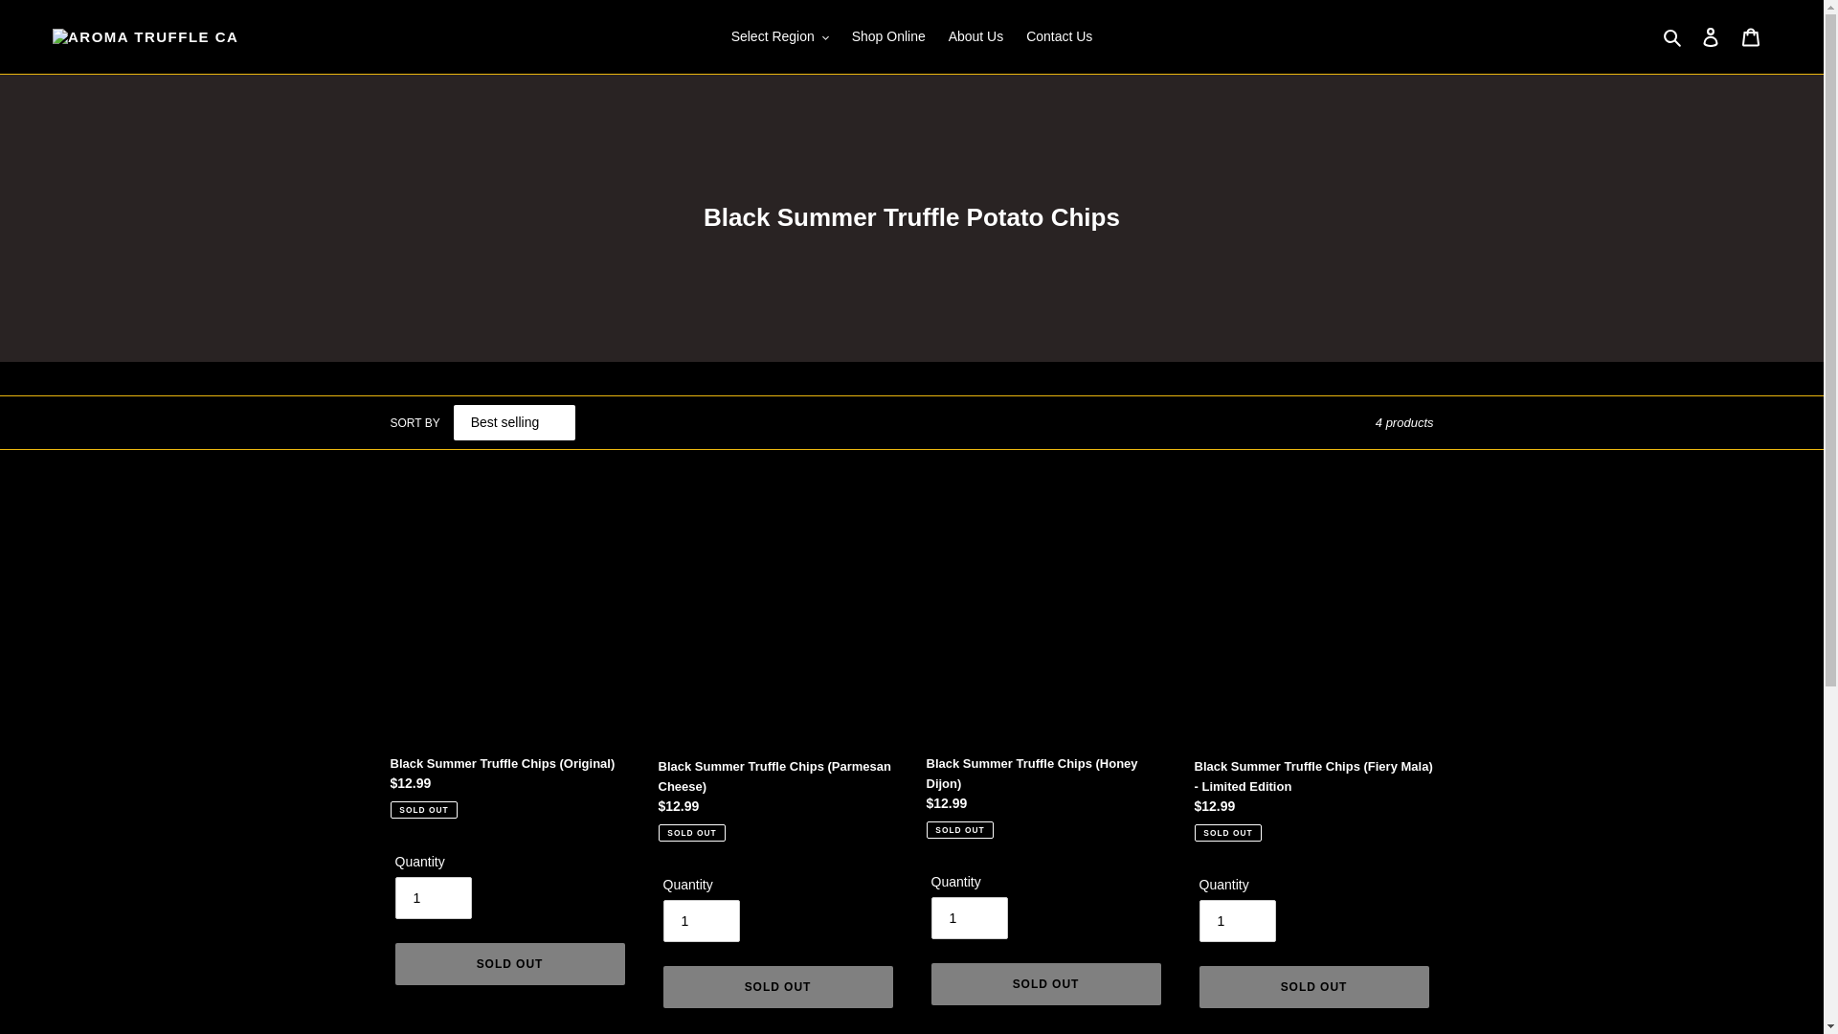 The width and height of the screenshot is (1838, 1034). What do you see at coordinates (975, 36) in the screenshot?
I see `'About Us'` at bounding box center [975, 36].